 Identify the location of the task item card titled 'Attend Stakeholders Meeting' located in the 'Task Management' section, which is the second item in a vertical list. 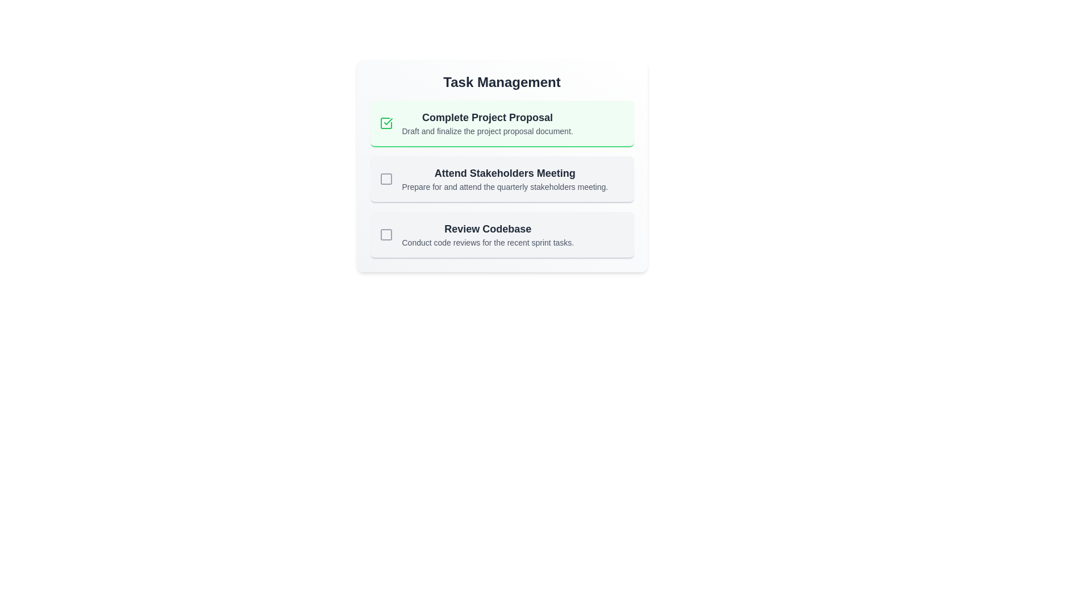
(504, 179).